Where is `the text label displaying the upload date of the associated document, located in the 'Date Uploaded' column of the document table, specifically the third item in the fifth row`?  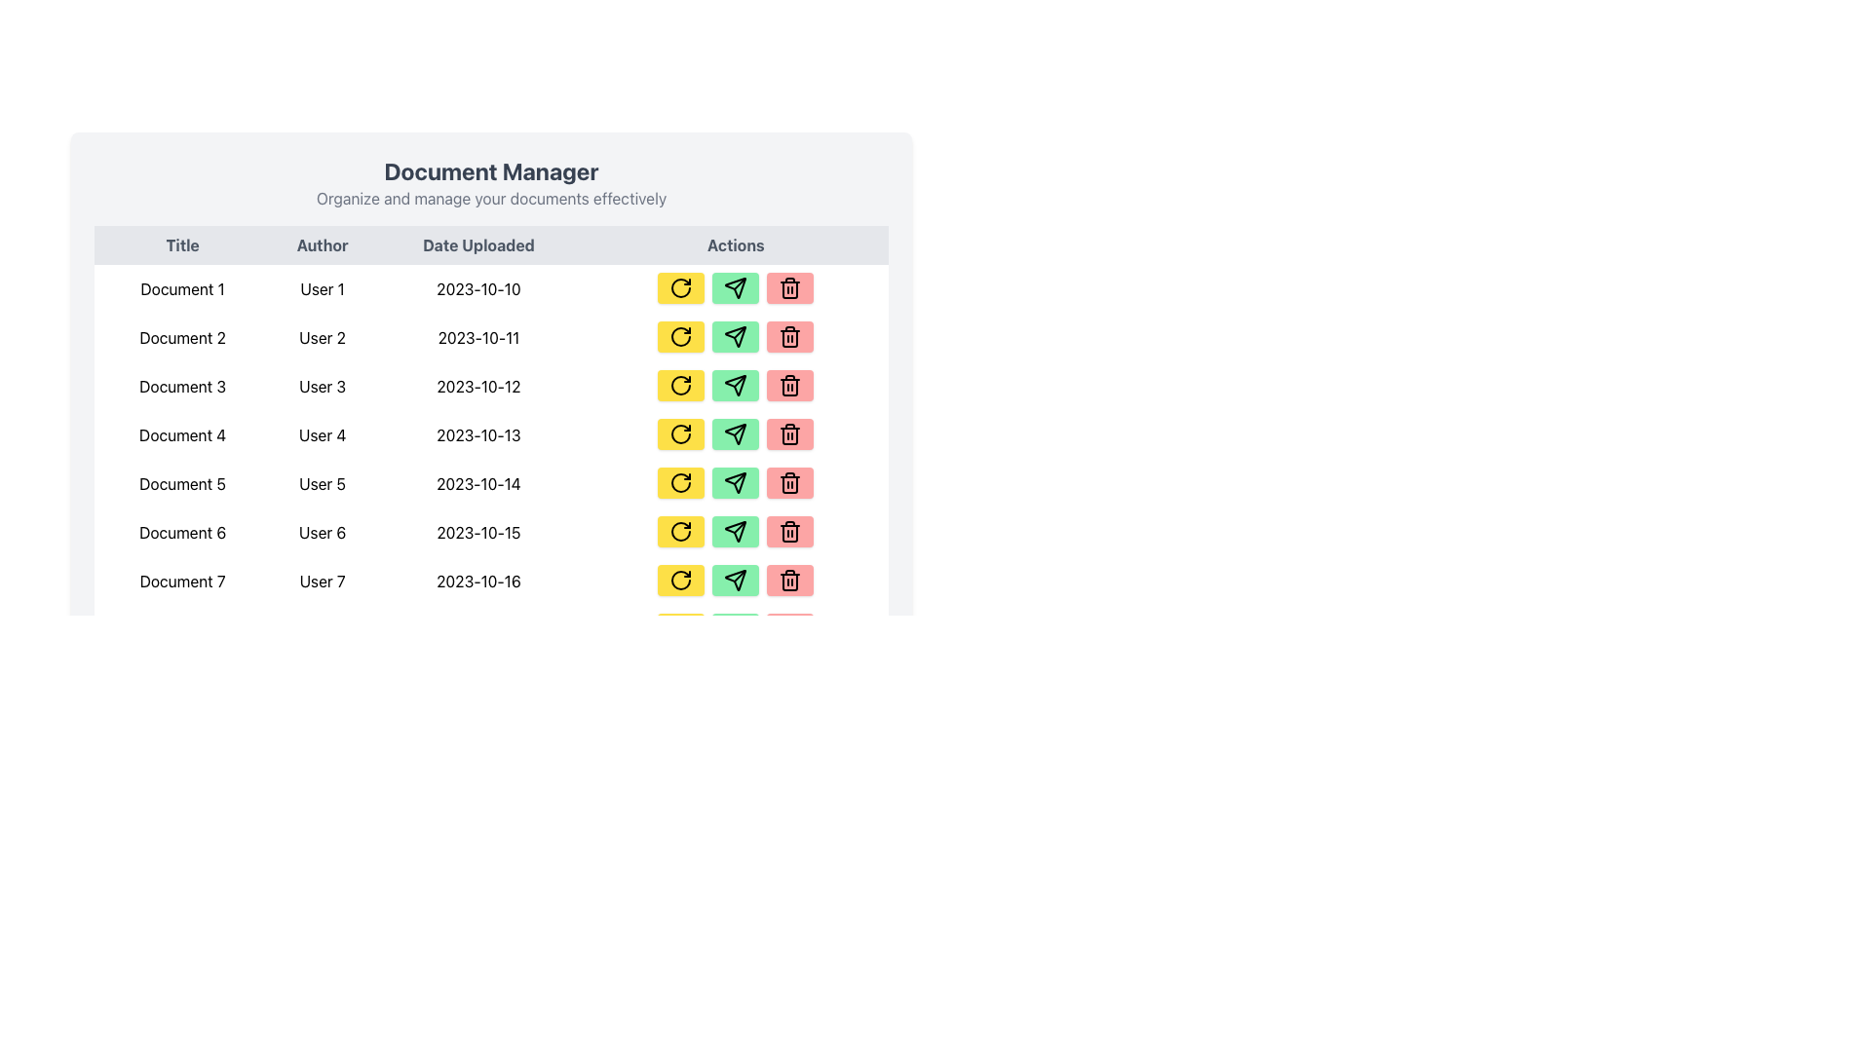 the text label displaying the upload date of the associated document, located in the 'Date Uploaded' column of the document table, specifically the third item in the fifth row is located at coordinates (478, 483).